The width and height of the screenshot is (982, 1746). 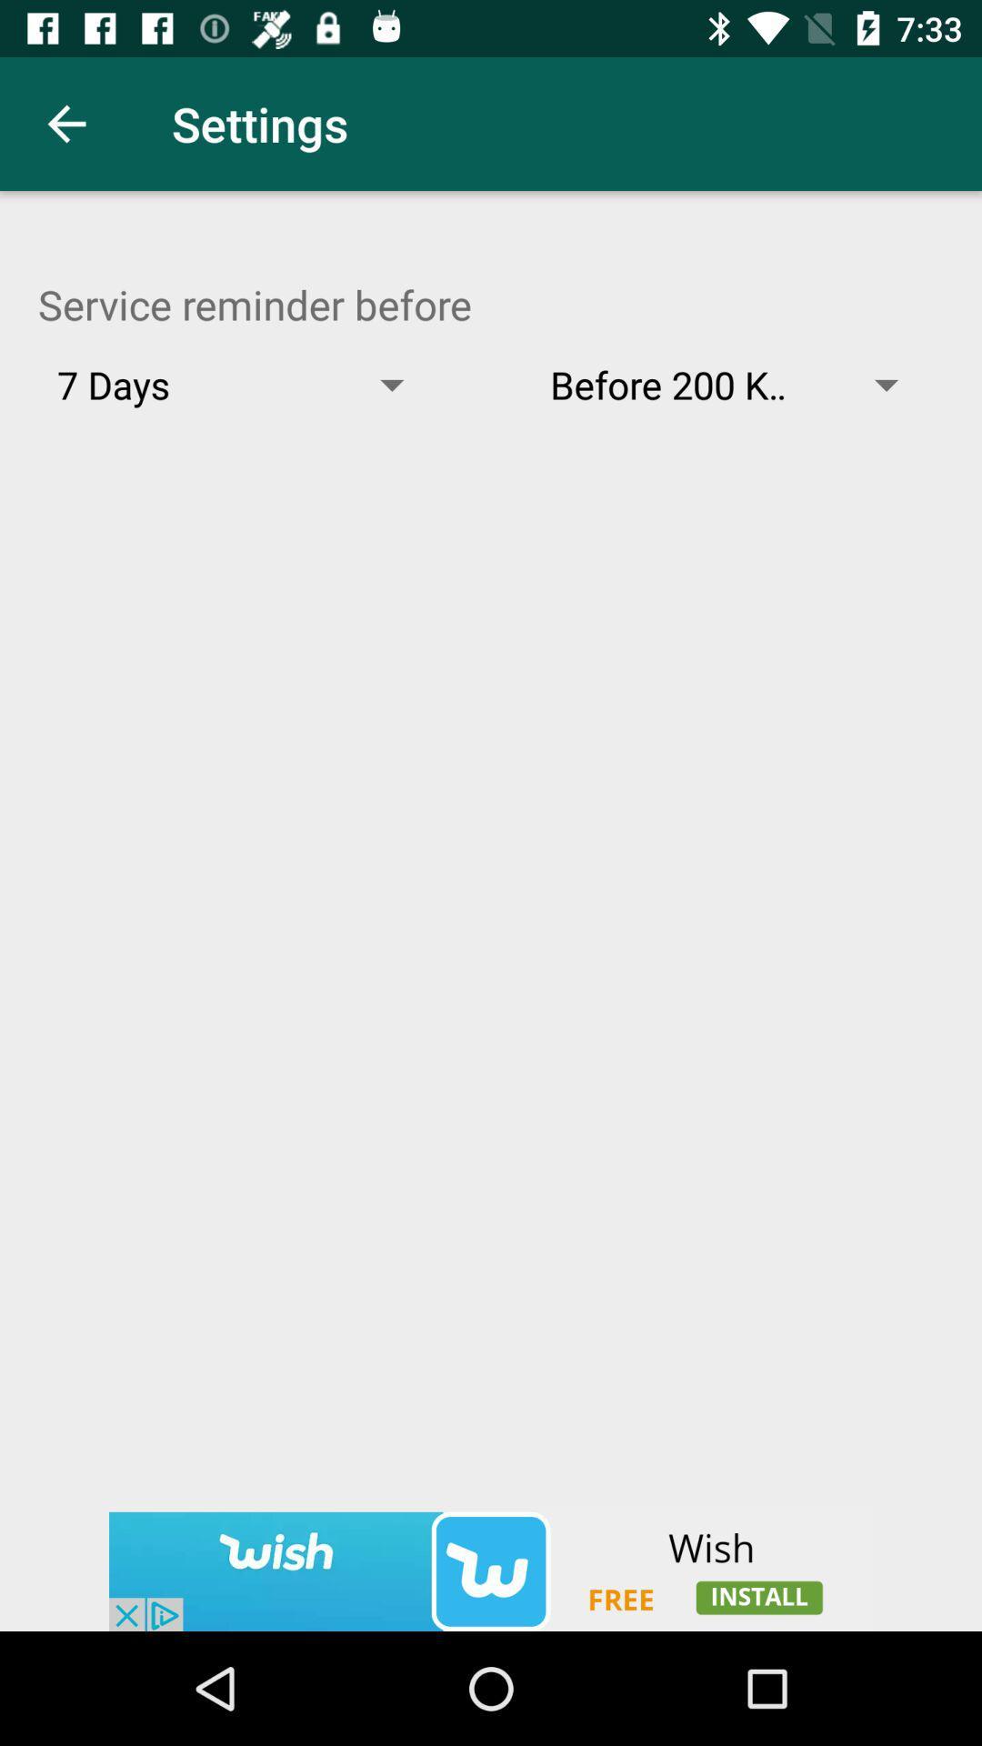 What do you see at coordinates (491, 1570) in the screenshot?
I see `advertisement` at bounding box center [491, 1570].